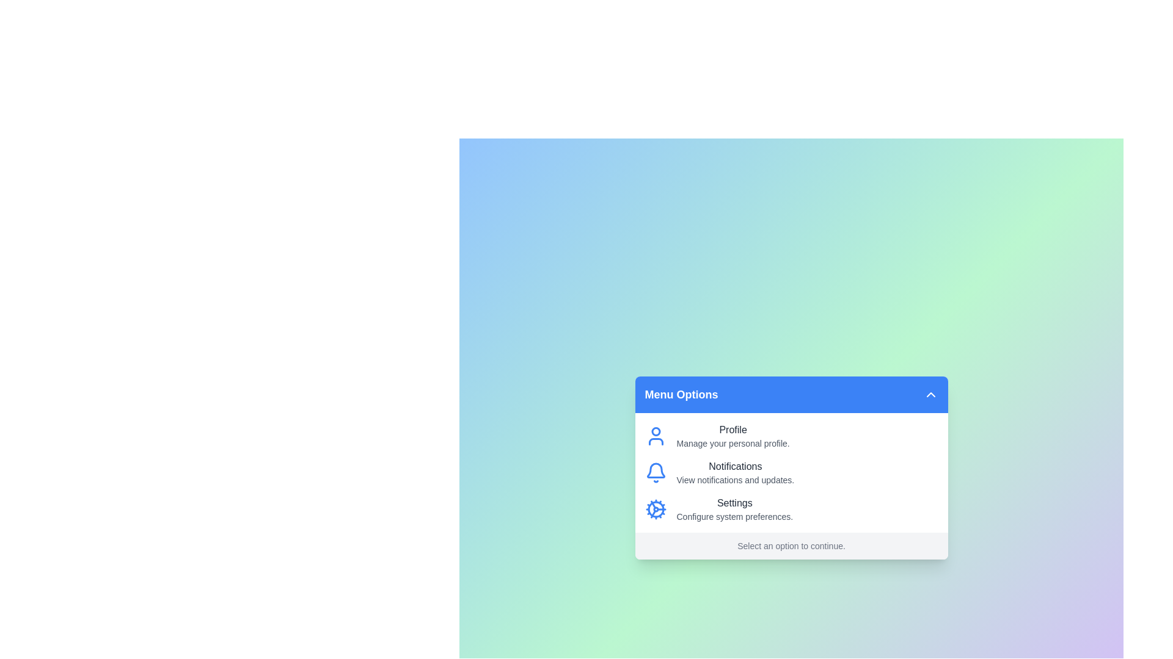  What do you see at coordinates (733, 435) in the screenshot?
I see `the menu option labeled 'Profile' to read its description` at bounding box center [733, 435].